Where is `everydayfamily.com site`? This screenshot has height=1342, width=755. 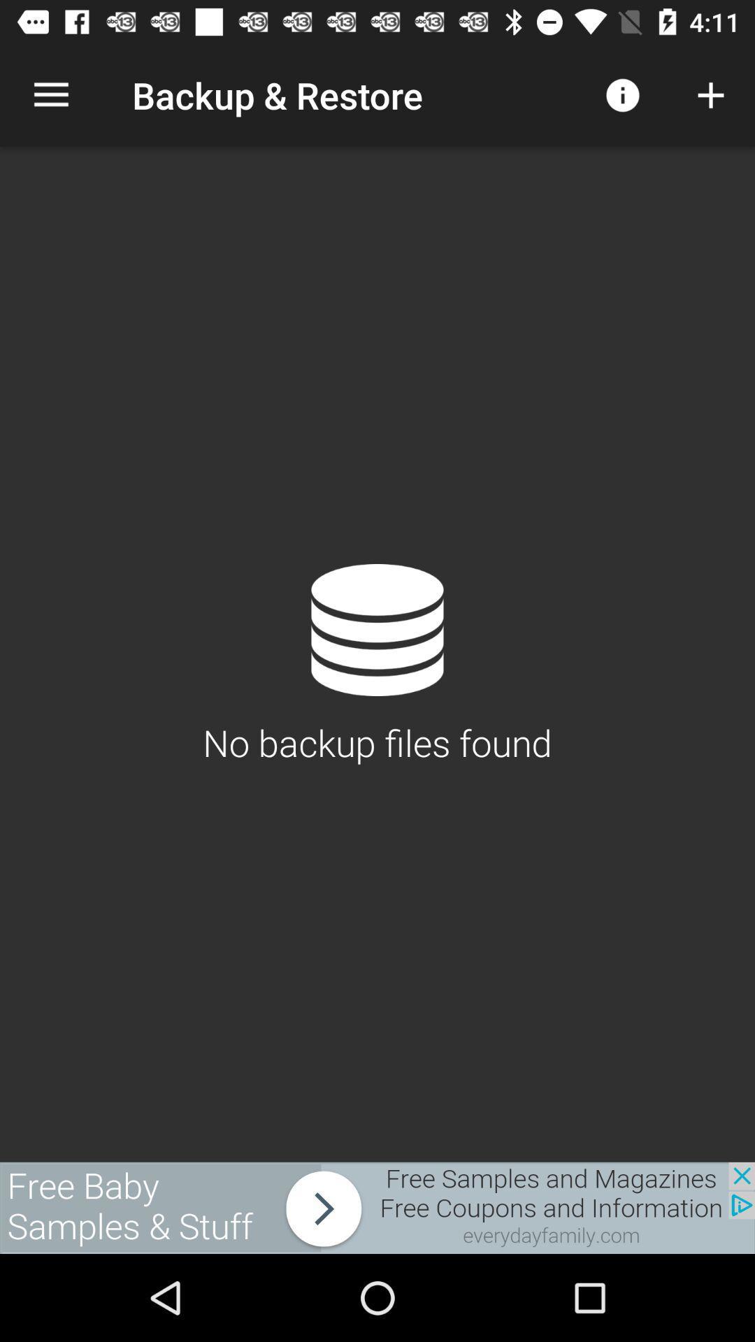 everydayfamily.com site is located at coordinates (377, 1207).